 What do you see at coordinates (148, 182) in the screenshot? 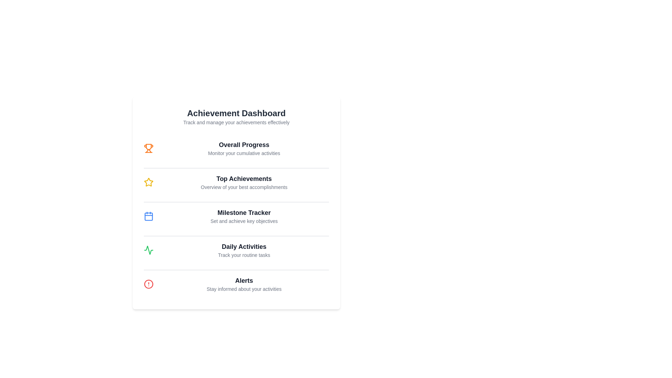
I see `the star-shaped icon with a yellow border, which is the first item in the 'Top Achievements' section, located to the left of the title in the achievement dashboard` at bounding box center [148, 182].